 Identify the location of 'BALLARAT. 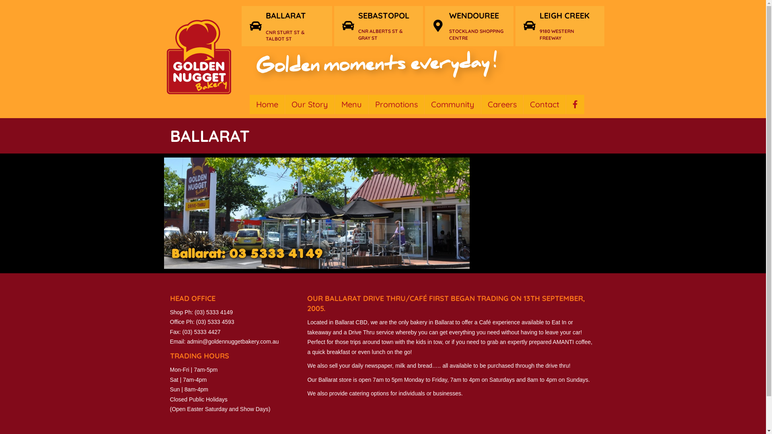
(294, 26).